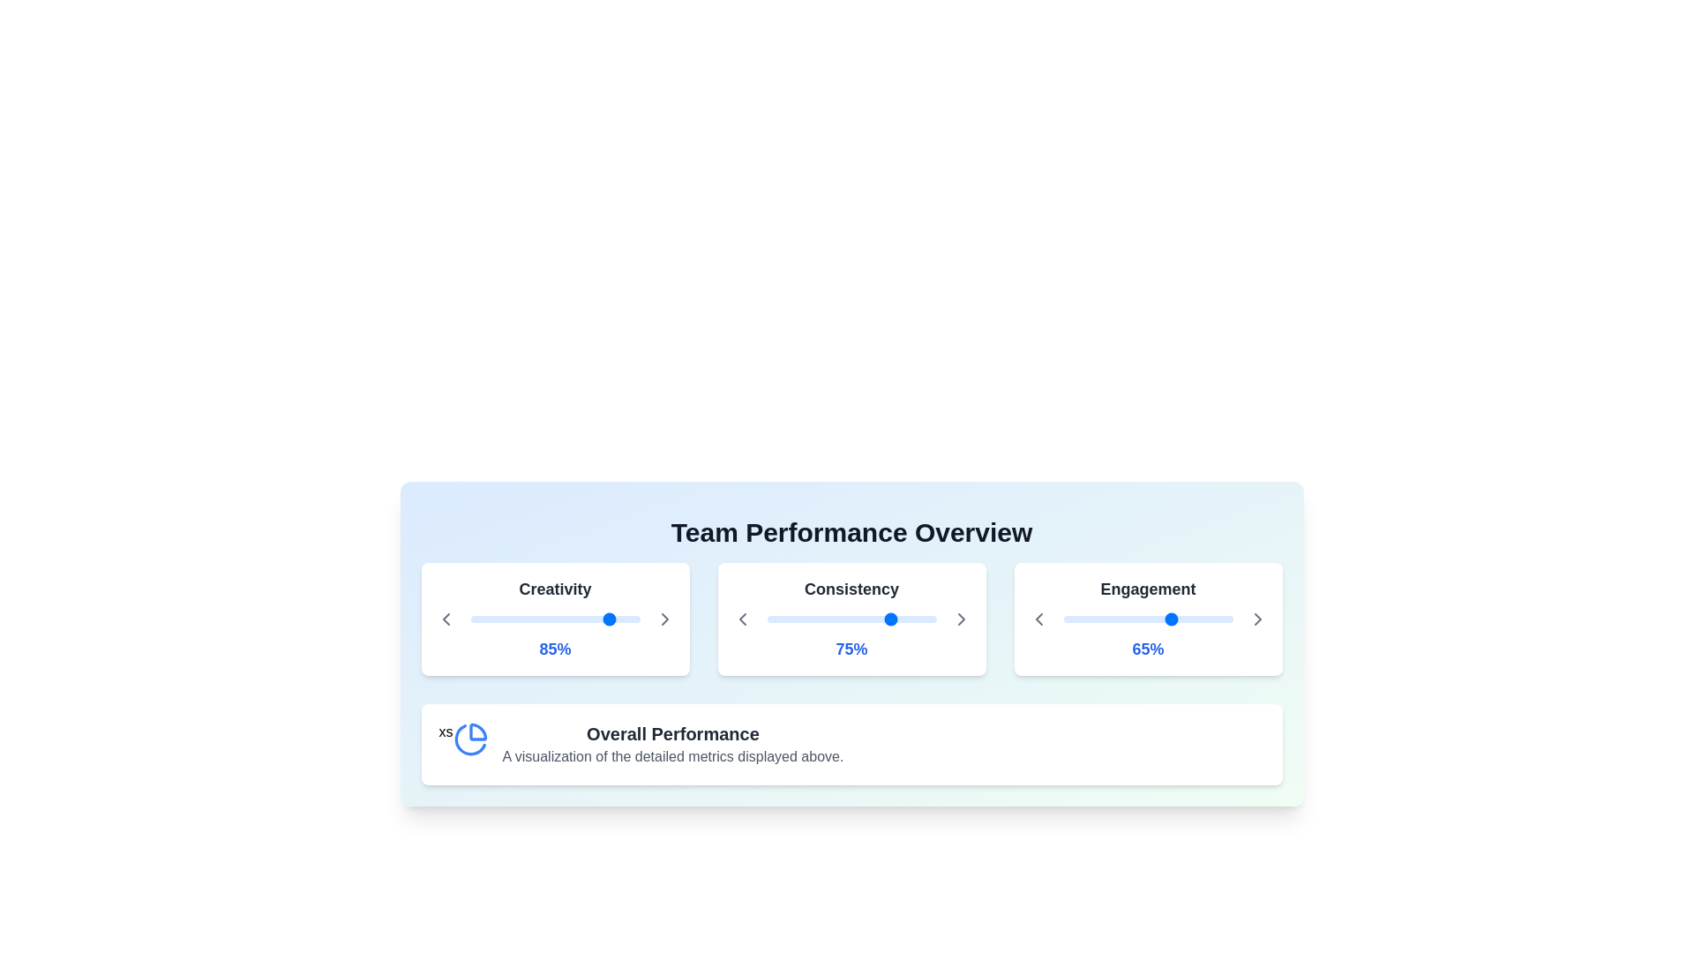  Describe the element at coordinates (778, 619) in the screenshot. I see `the consistency score` at that location.